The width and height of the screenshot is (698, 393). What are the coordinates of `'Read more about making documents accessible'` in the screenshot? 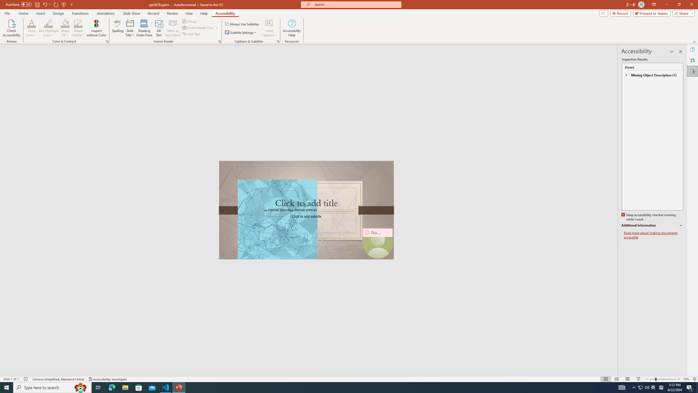 It's located at (653, 235).